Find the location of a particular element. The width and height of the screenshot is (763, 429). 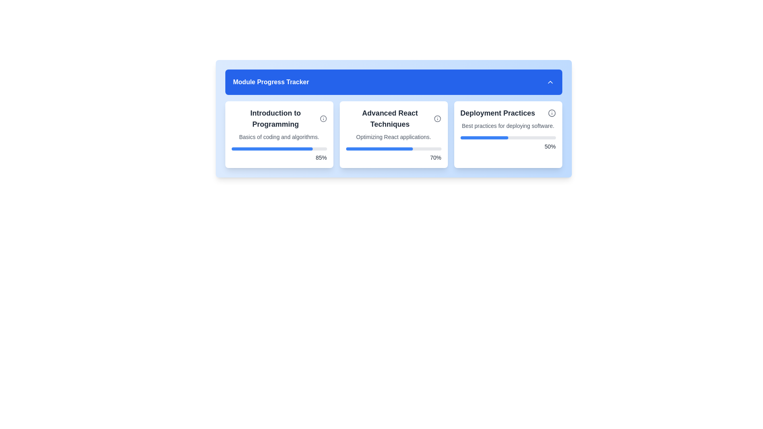

the static text element that provides contextual information about advanced React techniques, located below the title in the middle card of a three-card layout is located at coordinates (393, 136).